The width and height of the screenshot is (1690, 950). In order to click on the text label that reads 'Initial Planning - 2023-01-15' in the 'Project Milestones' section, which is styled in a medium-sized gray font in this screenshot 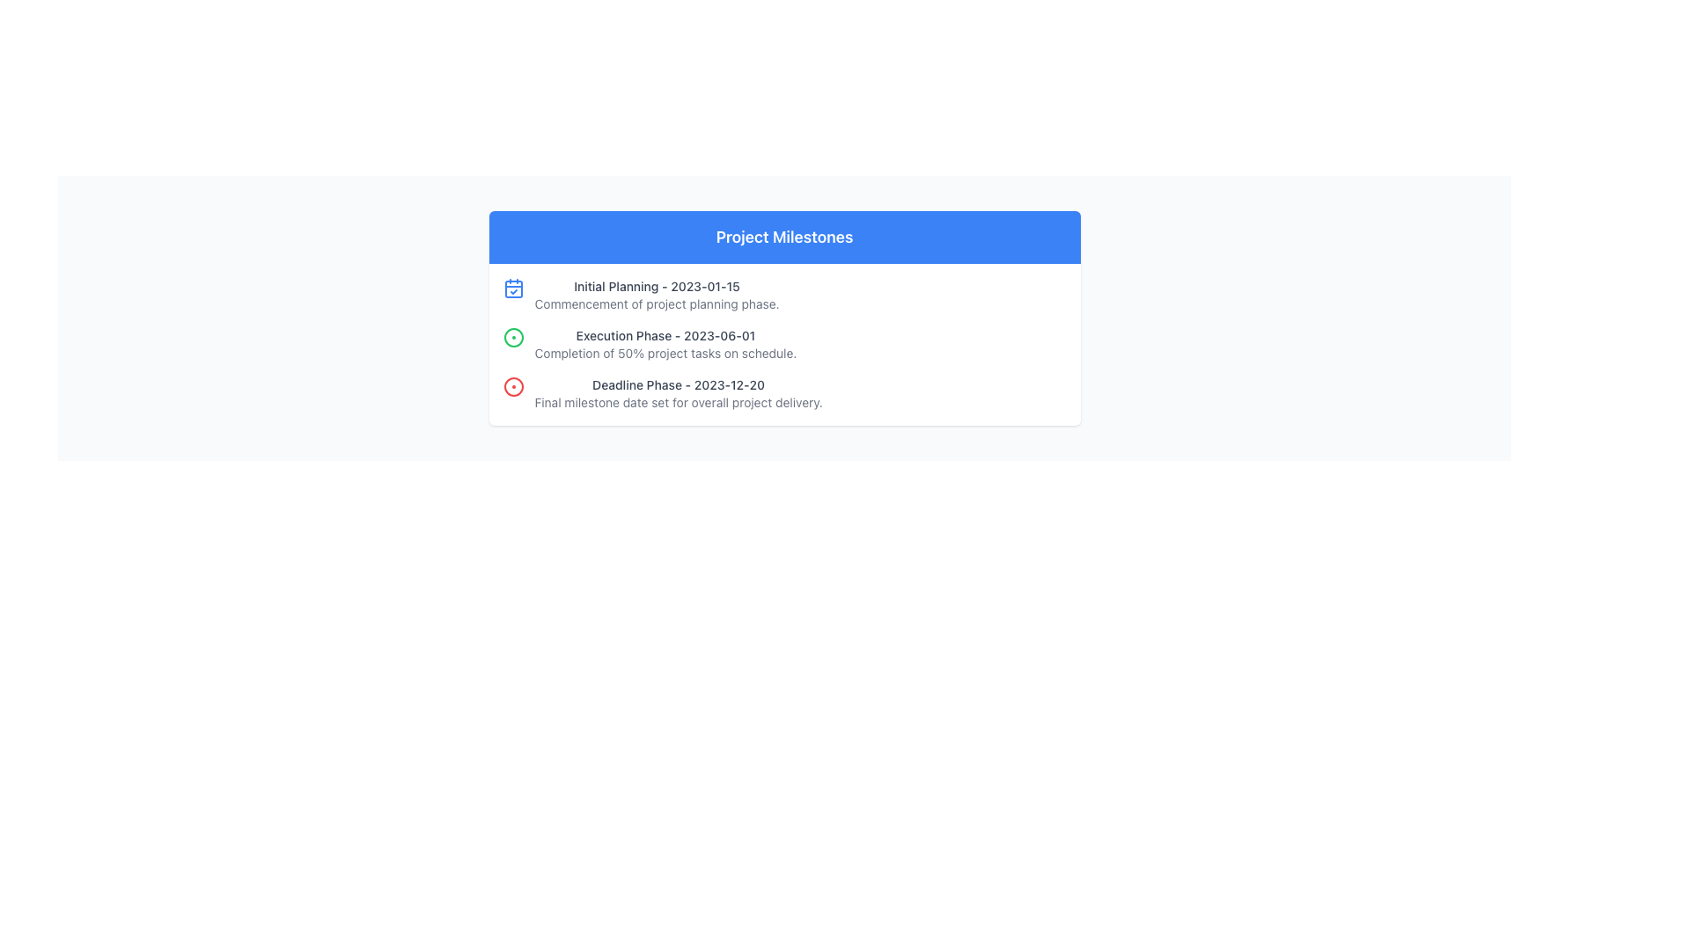, I will do `click(656, 286)`.